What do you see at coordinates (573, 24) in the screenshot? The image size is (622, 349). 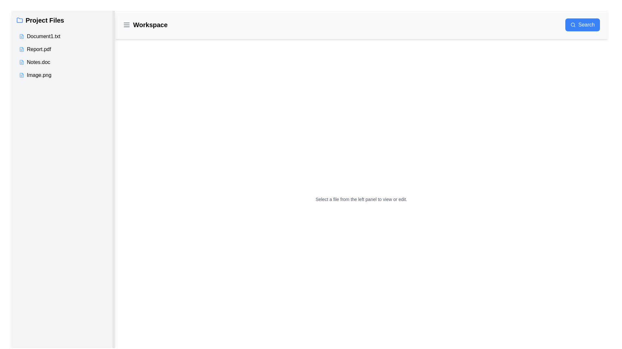 I see `the circular graphical element representing the handle loop of the magnifying glass icon, located at the top-right corner of the interface near the 'Search' button` at bounding box center [573, 24].